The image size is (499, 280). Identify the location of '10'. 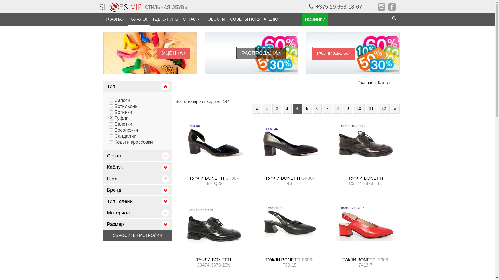
(353, 108).